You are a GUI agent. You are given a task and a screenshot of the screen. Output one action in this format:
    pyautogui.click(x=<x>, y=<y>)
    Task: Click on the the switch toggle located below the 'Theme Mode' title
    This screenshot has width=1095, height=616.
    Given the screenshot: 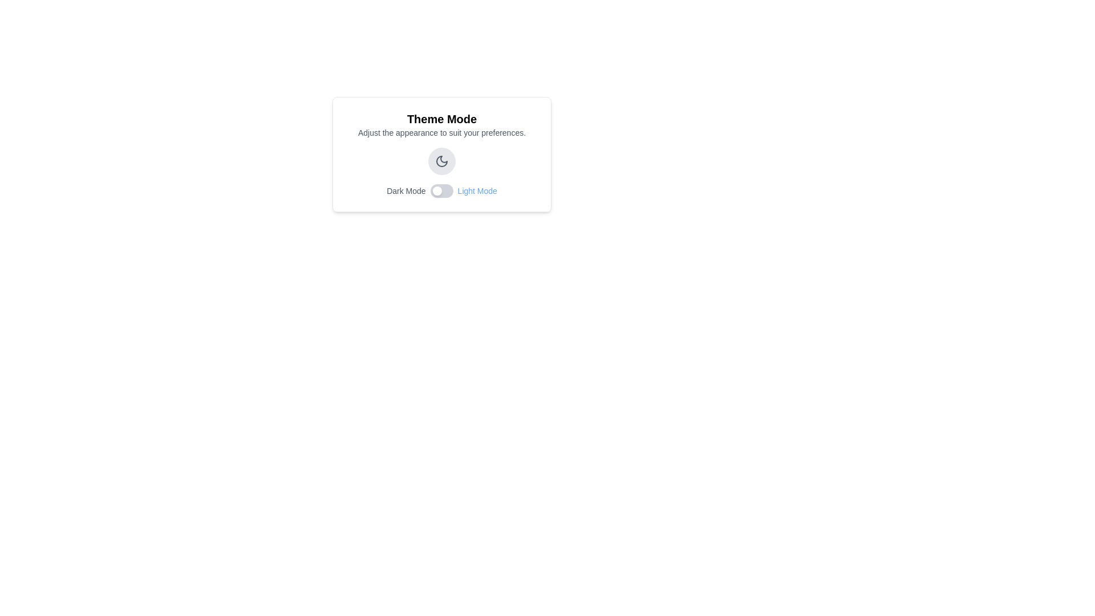 What is the action you would take?
    pyautogui.click(x=441, y=191)
    